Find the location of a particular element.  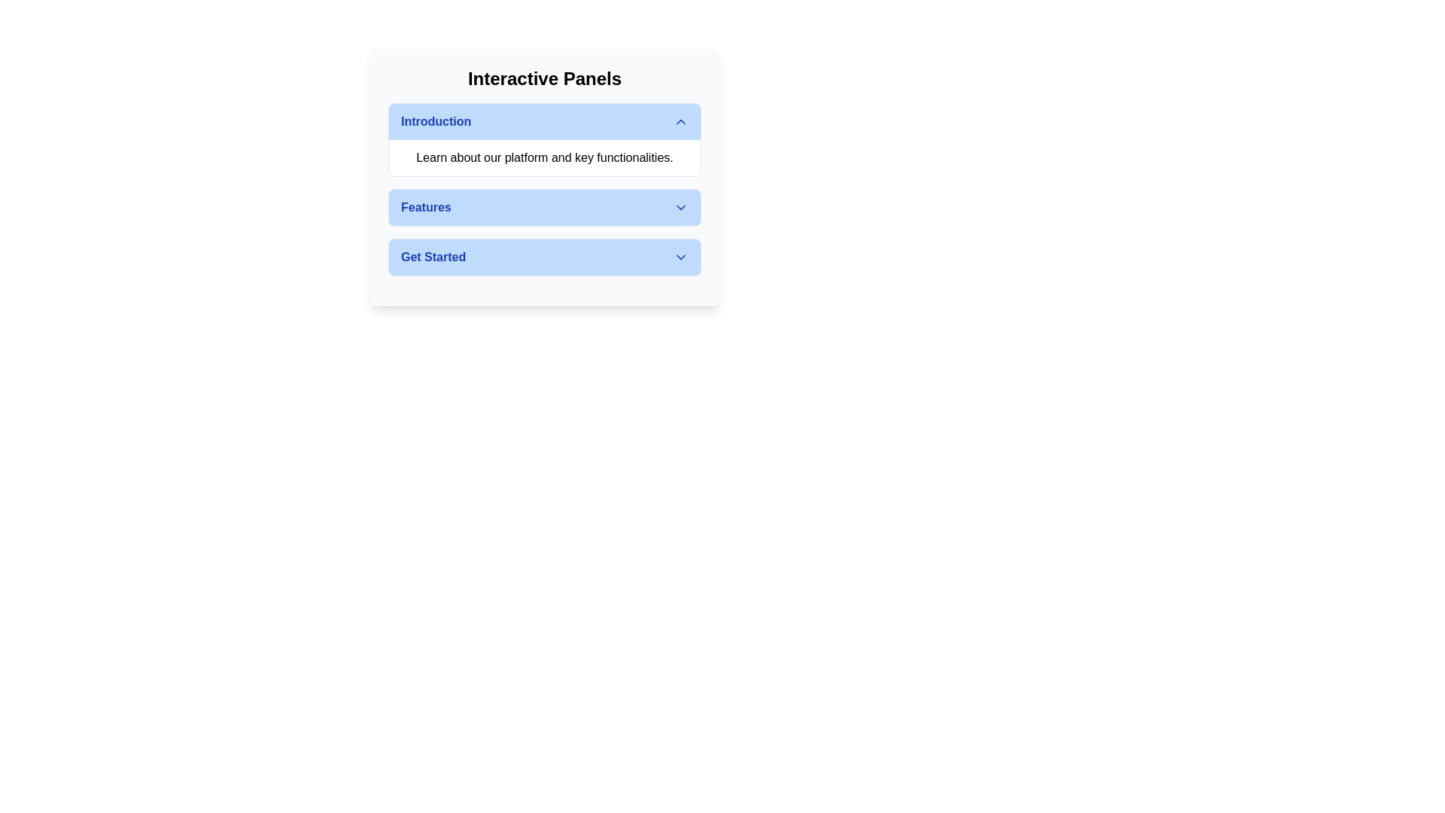

the text label reading 'Features' which is styled with a bold blue font located is located at coordinates (425, 208).